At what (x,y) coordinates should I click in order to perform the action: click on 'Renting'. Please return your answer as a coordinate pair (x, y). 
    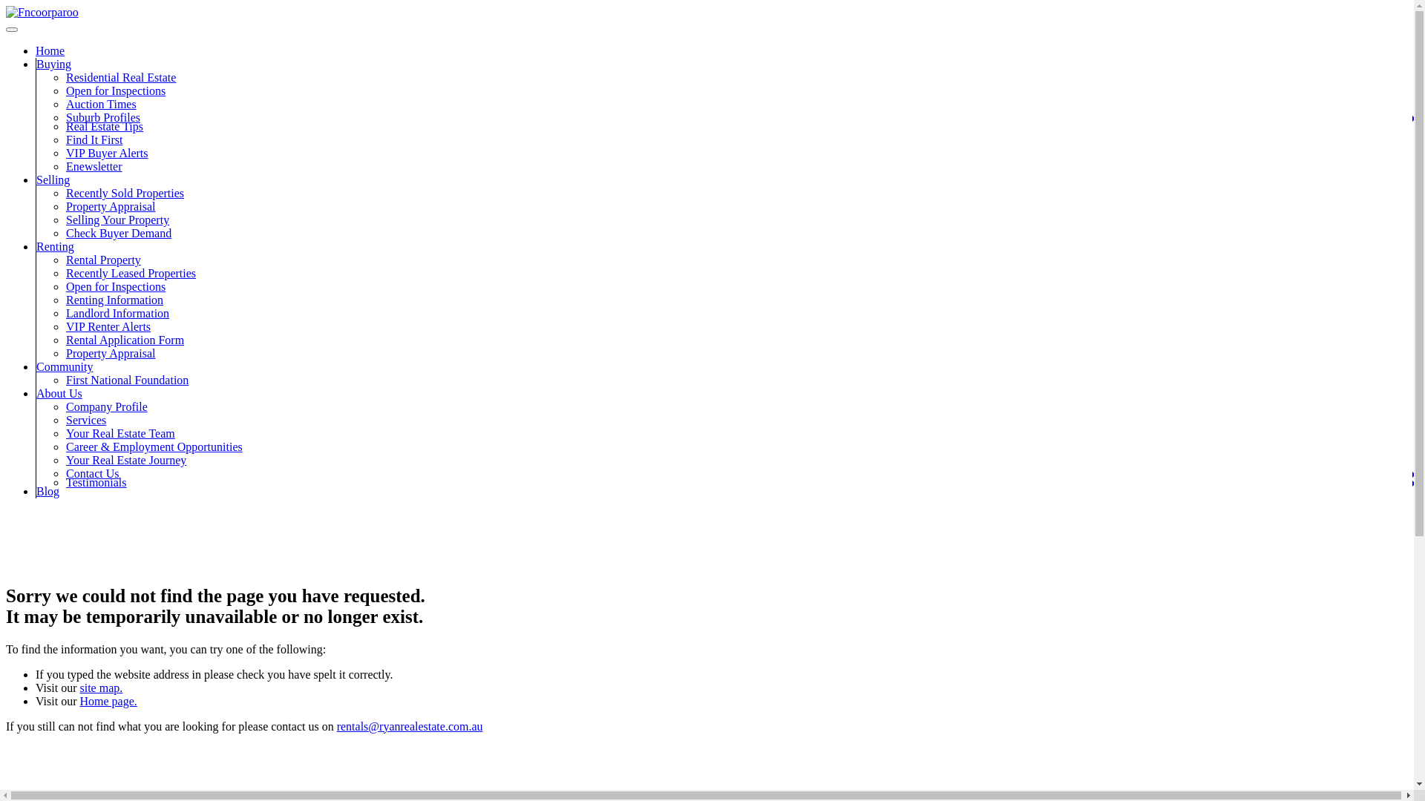
    Looking at the image, I should click on (55, 245).